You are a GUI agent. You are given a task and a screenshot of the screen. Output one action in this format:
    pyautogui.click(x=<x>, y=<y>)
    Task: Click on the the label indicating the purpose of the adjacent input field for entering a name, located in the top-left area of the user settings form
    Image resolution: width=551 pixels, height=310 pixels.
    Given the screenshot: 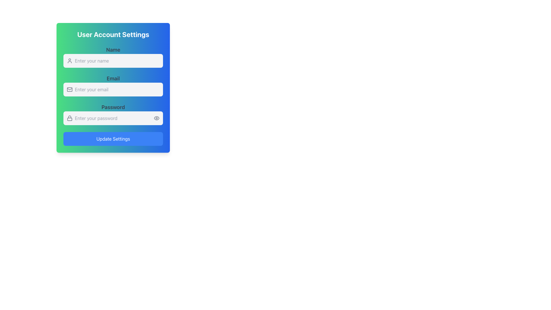 What is the action you would take?
    pyautogui.click(x=113, y=49)
    